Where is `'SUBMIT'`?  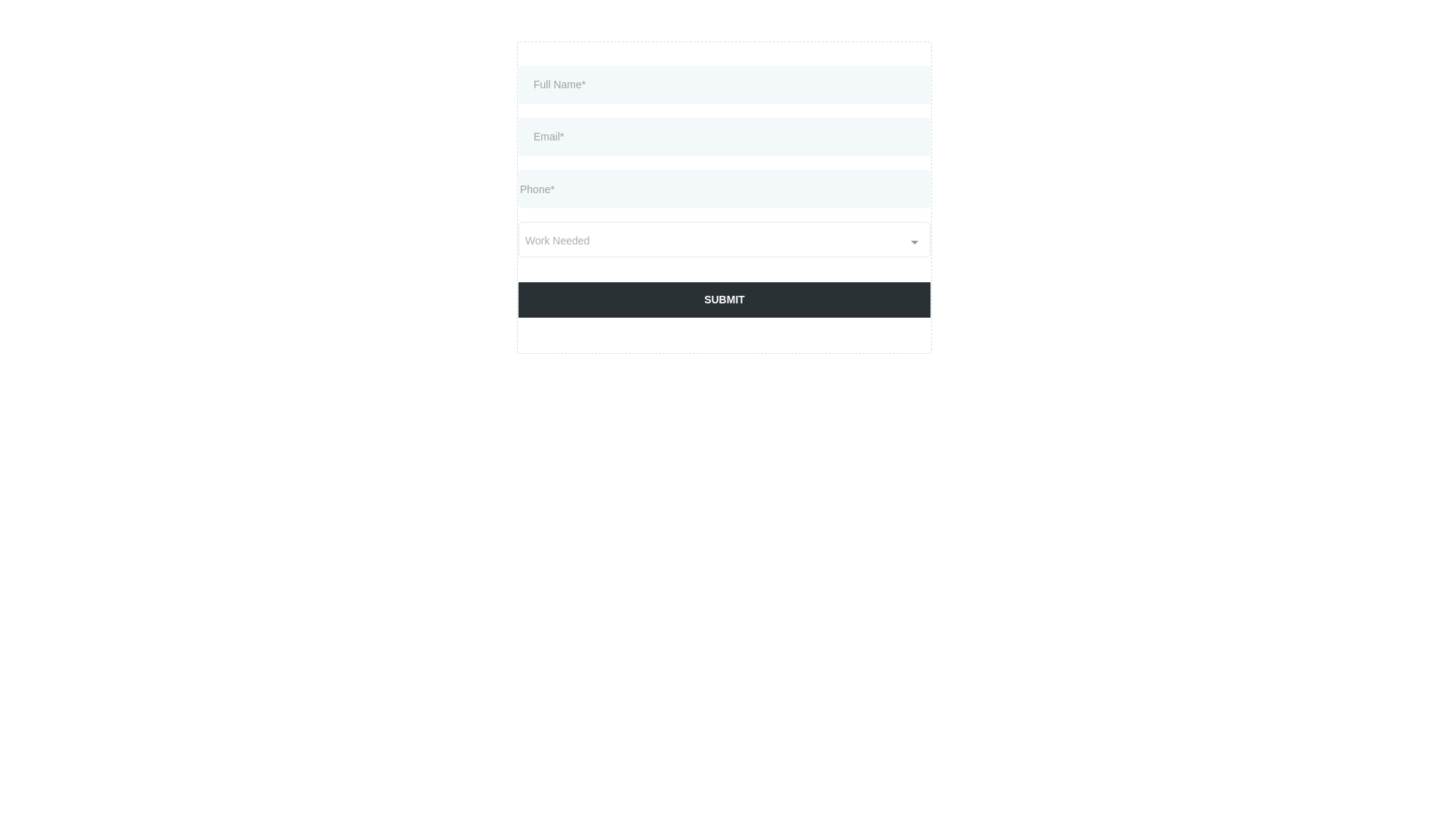 'SUBMIT' is located at coordinates (724, 300).